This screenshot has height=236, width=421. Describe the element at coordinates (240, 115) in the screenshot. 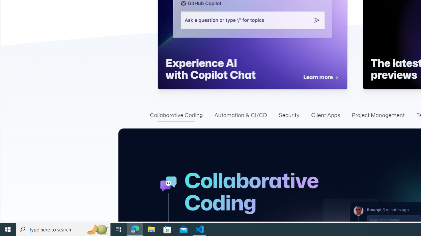

I see `'Automation & CI/CD'` at that location.